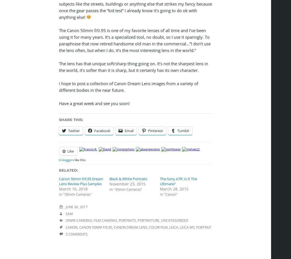  What do you see at coordinates (105, 220) in the screenshot?
I see `'Film Cameras'` at bounding box center [105, 220].